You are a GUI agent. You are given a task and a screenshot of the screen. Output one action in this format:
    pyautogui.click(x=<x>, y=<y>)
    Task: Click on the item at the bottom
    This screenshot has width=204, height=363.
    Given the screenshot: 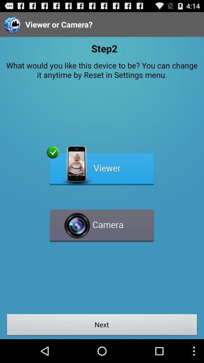 What is the action you would take?
    pyautogui.click(x=102, y=325)
    